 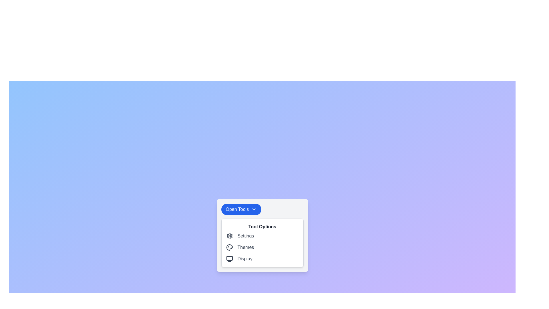 What do you see at coordinates (241, 209) in the screenshot?
I see `the button that reveals a dropdown menu or panel, providing access to additional options or tools` at bounding box center [241, 209].